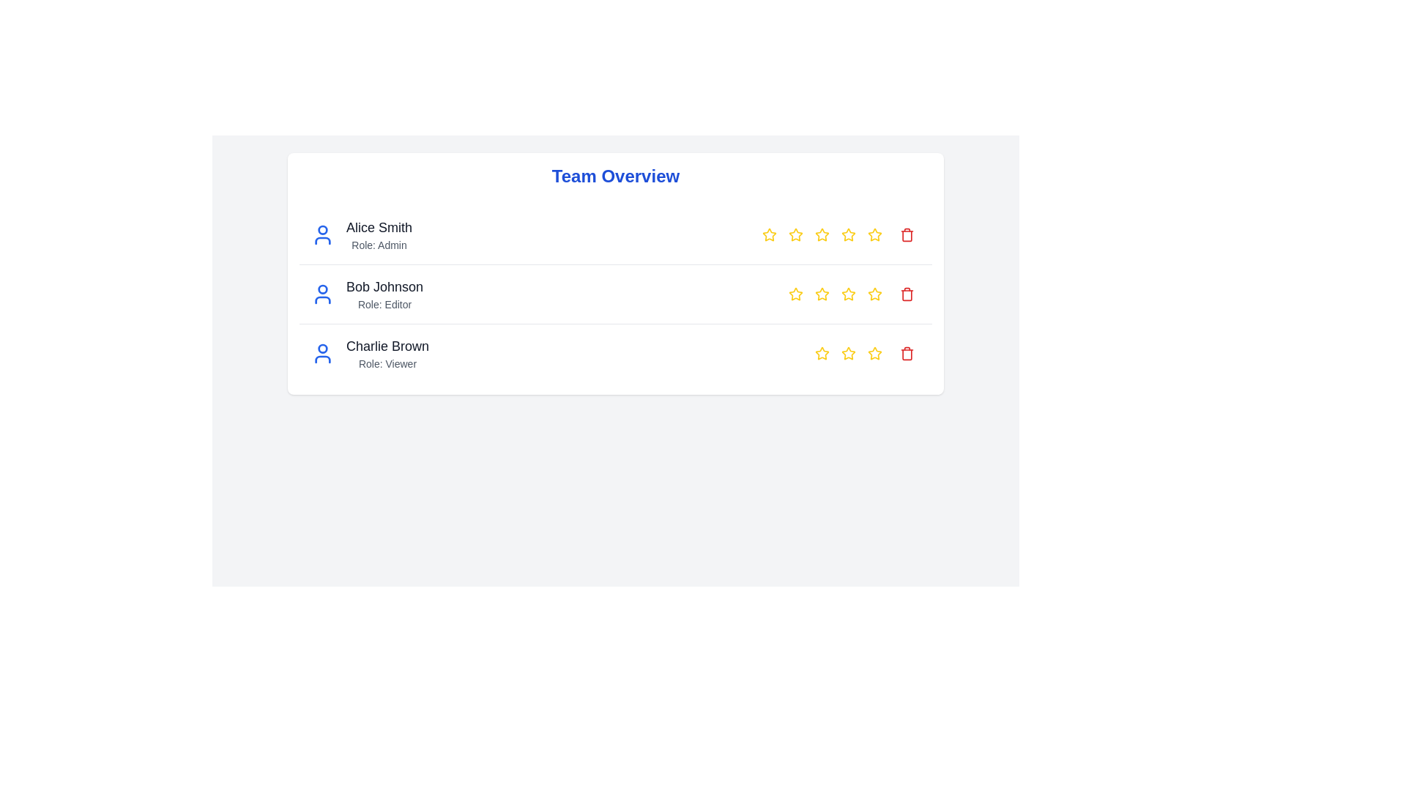 The height and width of the screenshot is (791, 1406). Describe the element at coordinates (822, 353) in the screenshot. I see `the fourth star rating icon associated with 'Charlie Brown' to set or modify the rating` at that location.